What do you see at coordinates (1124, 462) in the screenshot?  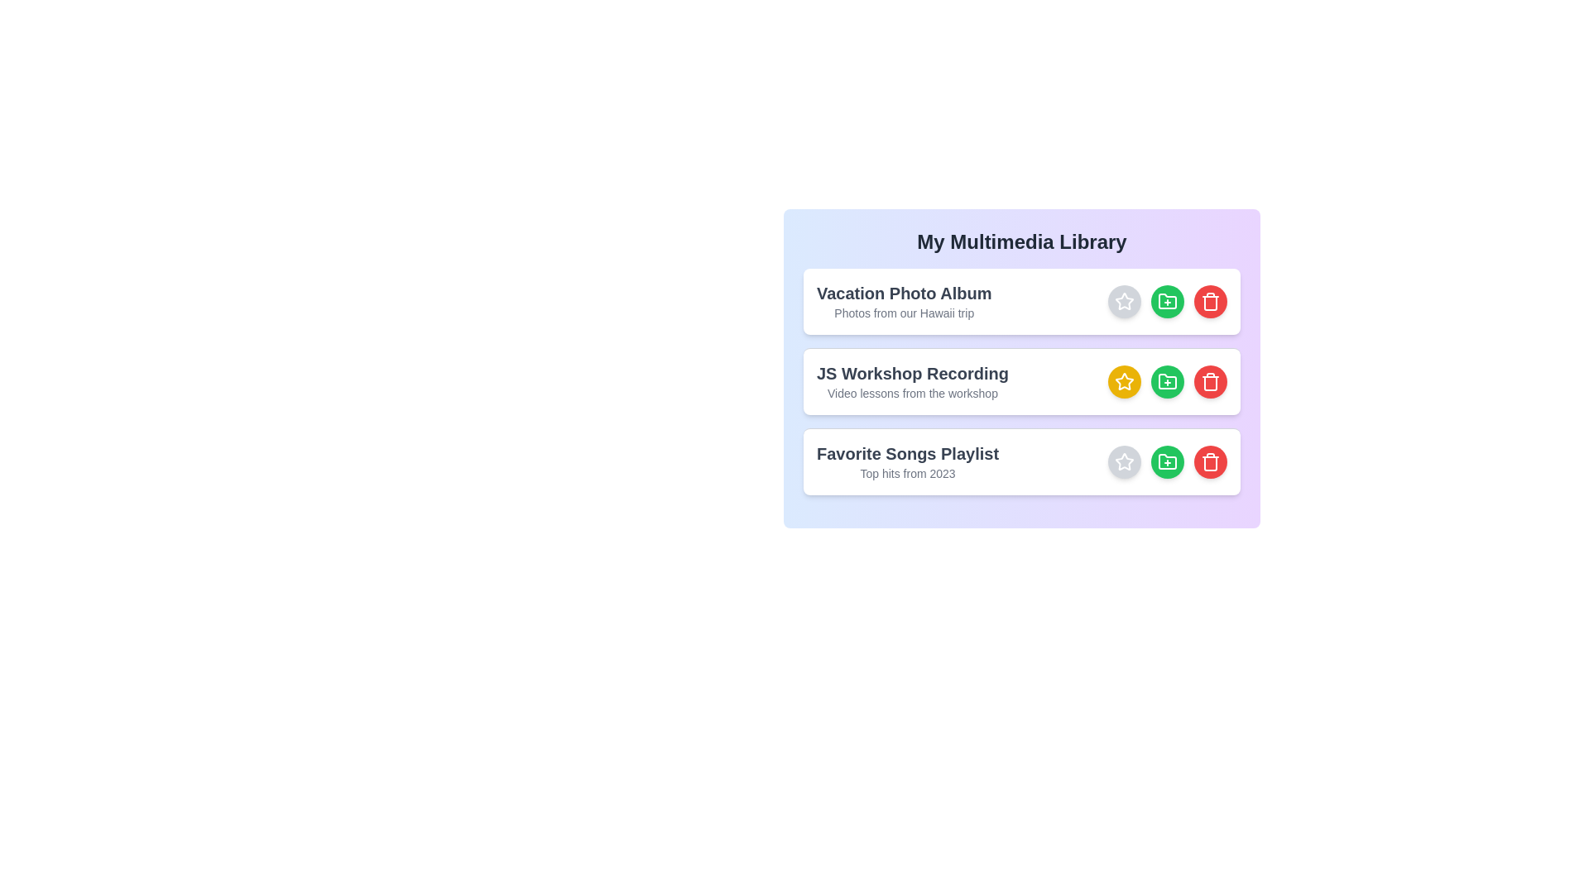 I see `the star icon button located on the rightmost side of the 'Favorite Songs Playlist' list item under the 'My Multimedia Library' section` at bounding box center [1124, 462].